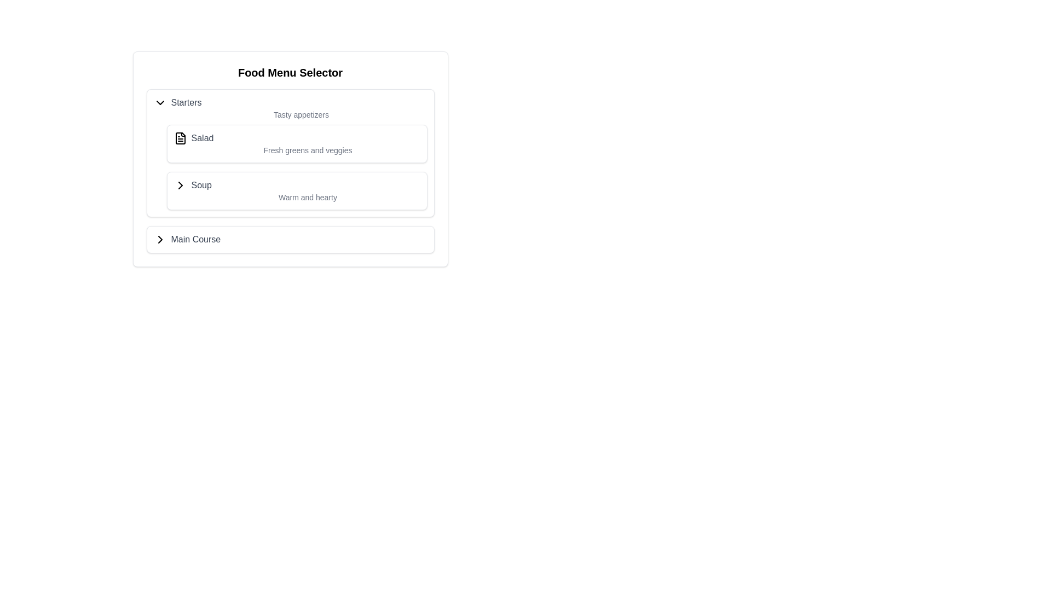 The image size is (1051, 591). Describe the element at coordinates (201, 185) in the screenshot. I see `the 'Soup' label in the 'Starters' list, which is styled with a medium-weight gray font and changes to a darker gray on hover` at that location.